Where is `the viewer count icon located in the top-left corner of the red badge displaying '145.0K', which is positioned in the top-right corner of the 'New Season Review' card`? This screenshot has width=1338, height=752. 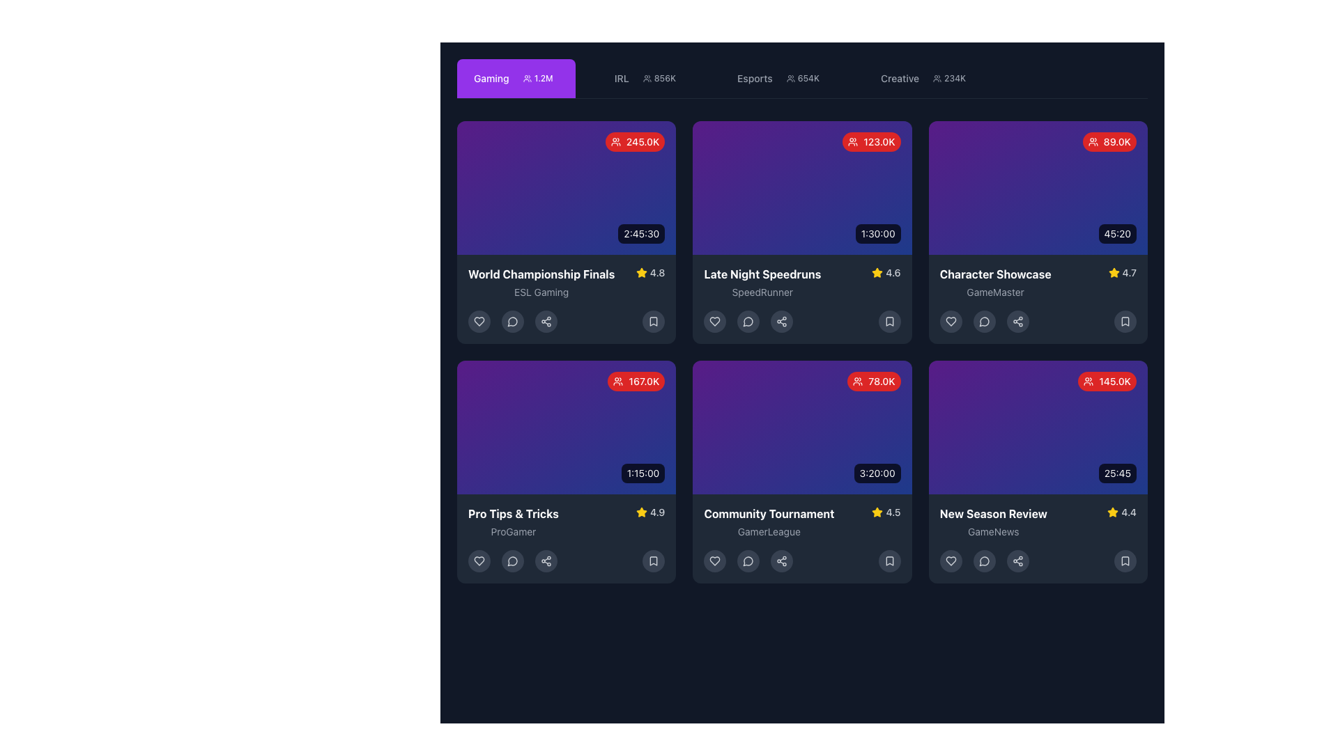
the viewer count icon located in the top-left corner of the red badge displaying '145.0K', which is positioned in the top-right corner of the 'New Season Review' card is located at coordinates (1088, 381).